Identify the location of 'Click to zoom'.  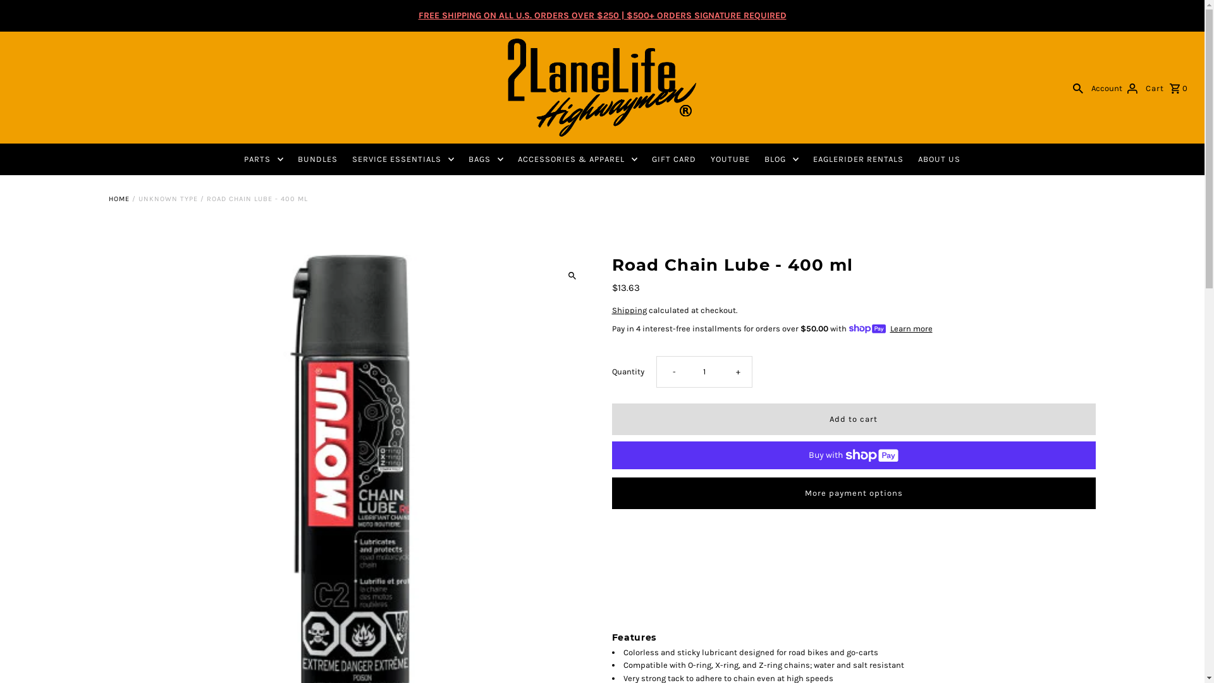
(571, 274).